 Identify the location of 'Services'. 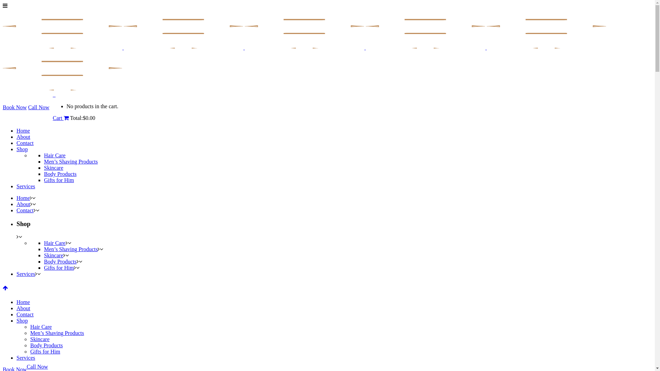
(26, 273).